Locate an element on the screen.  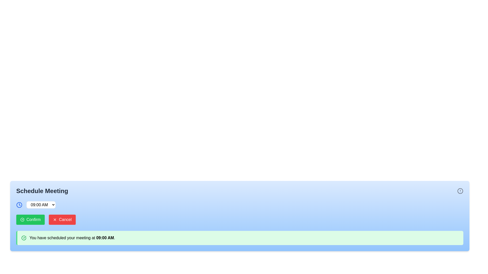
the 'X' icon in a red circular background, which is located to the left of the 'Cancel' text label inside a red rectangular button is located at coordinates (55, 219).